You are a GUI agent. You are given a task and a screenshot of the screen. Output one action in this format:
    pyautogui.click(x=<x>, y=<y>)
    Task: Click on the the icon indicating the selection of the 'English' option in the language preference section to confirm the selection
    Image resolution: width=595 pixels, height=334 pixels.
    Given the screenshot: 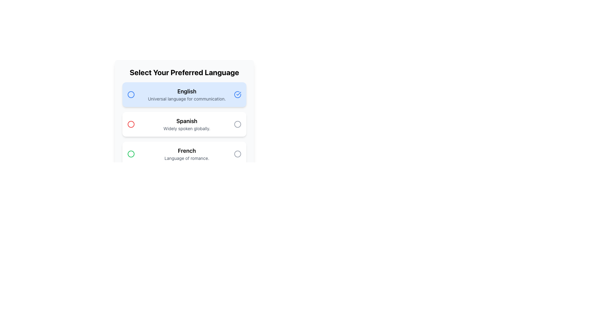 What is the action you would take?
    pyautogui.click(x=237, y=94)
    